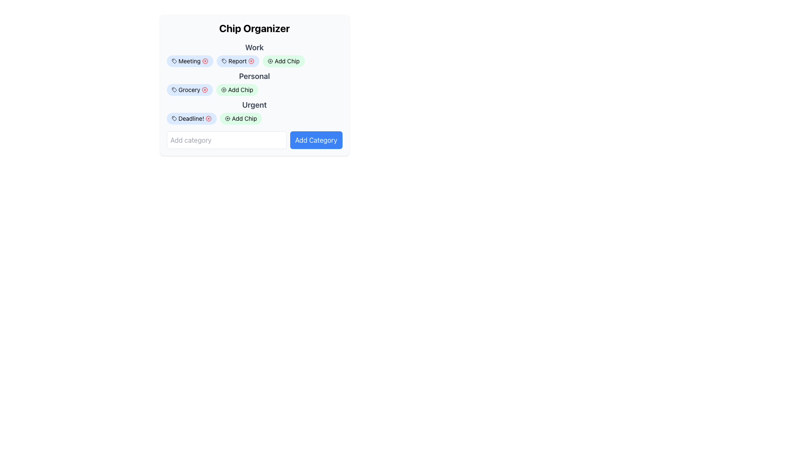  I want to click on the icon indicating the 'Report' chip function, which is the leftmost component of the blue chip labeled 'Report' under the 'Work' section, so click(224, 61).